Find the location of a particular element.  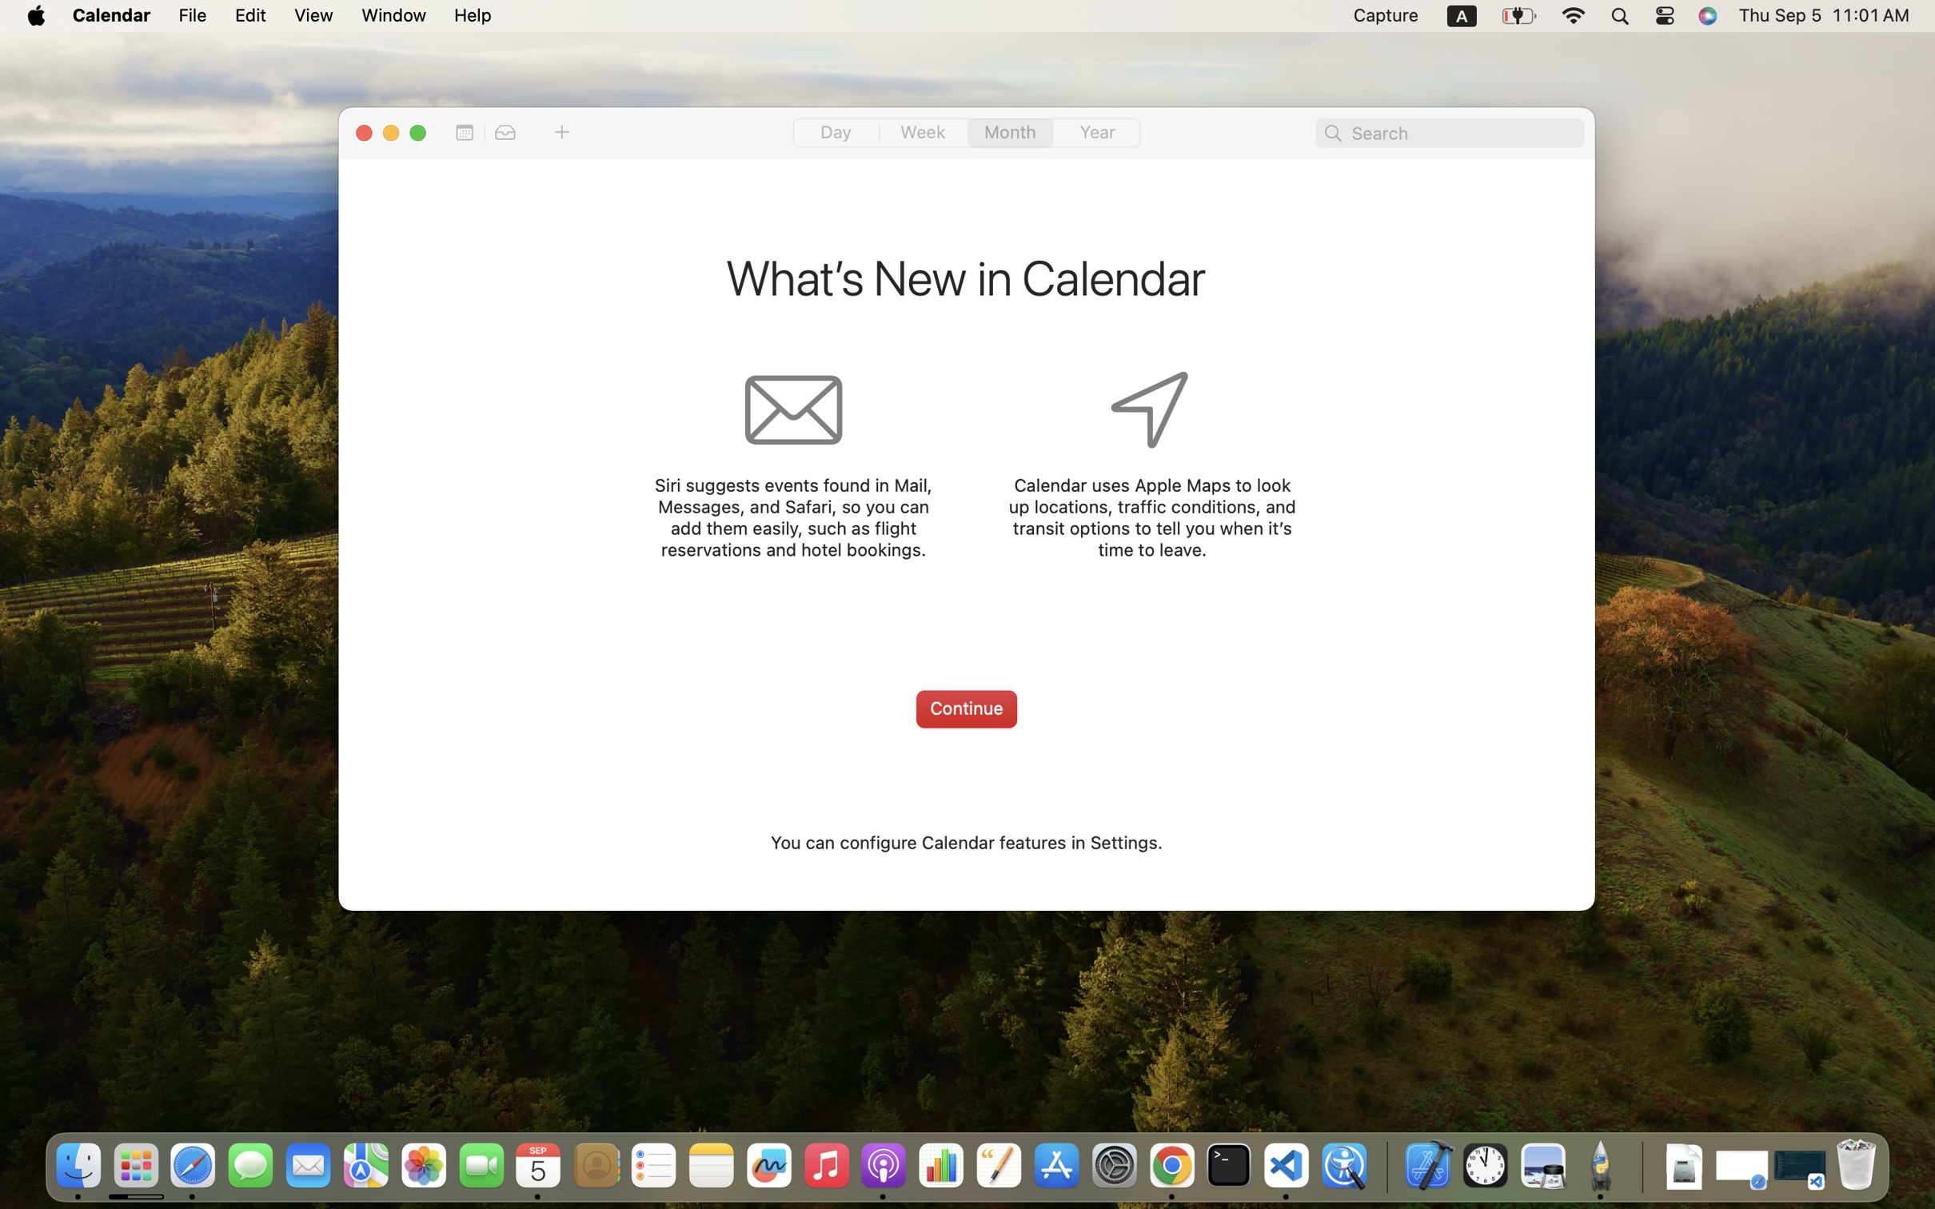

'<AXUIElement 0x125c498e0> {pid=1173}' is located at coordinates (966, 133).